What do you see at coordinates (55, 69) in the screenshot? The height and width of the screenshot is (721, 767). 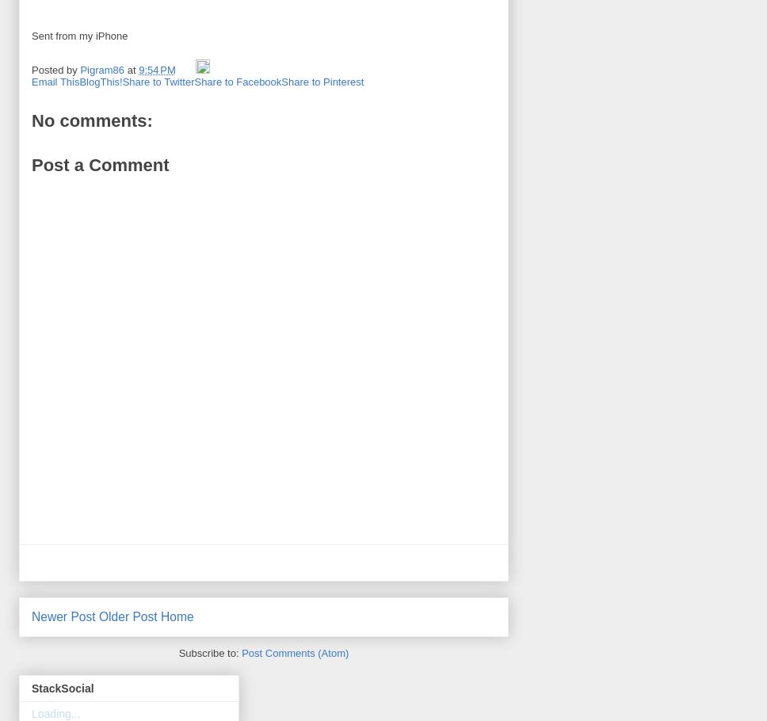 I see `'Posted by'` at bounding box center [55, 69].